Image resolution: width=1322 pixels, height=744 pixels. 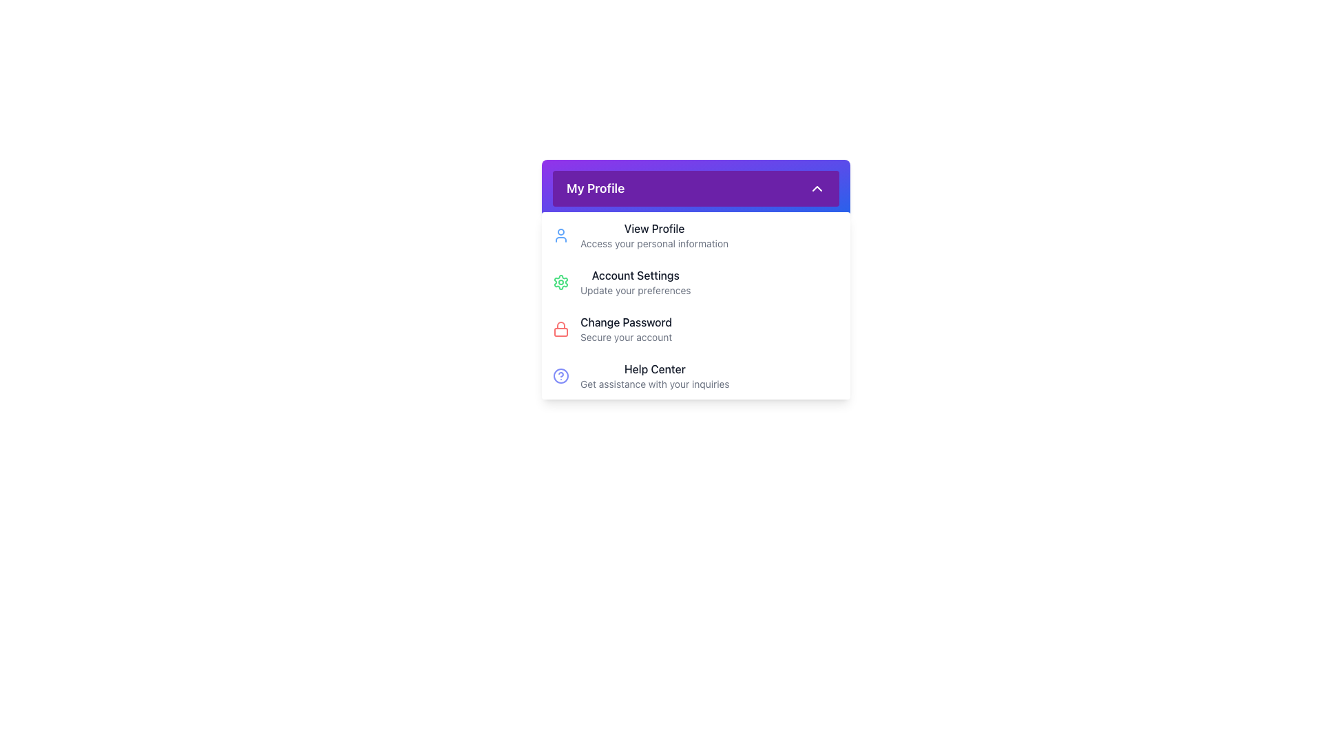 What do you see at coordinates (654, 369) in the screenshot?
I see `the 'Help Center' text label, which is prominently displayed in a dark color within the 'My Profile' dropdown panel, positioned above the subtitle 'Get assistance with your inquiries.'` at bounding box center [654, 369].